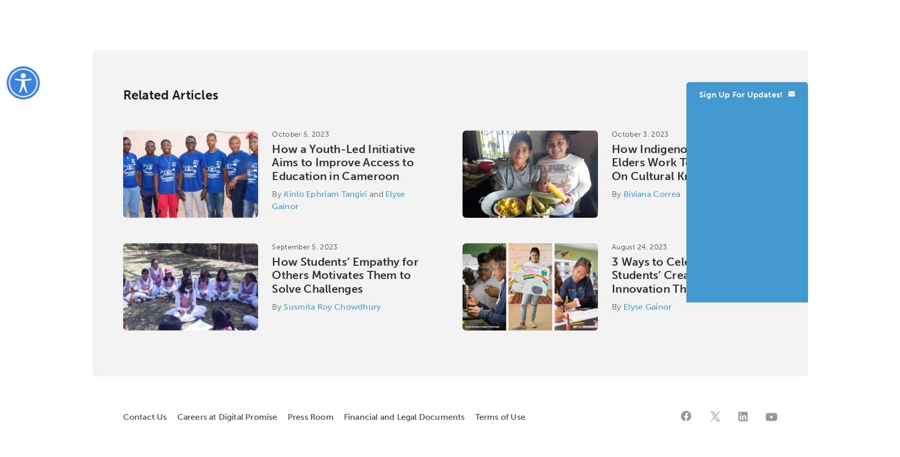 The height and width of the screenshot is (457, 900). Describe the element at coordinates (376, 194) in the screenshot. I see `'and'` at that location.